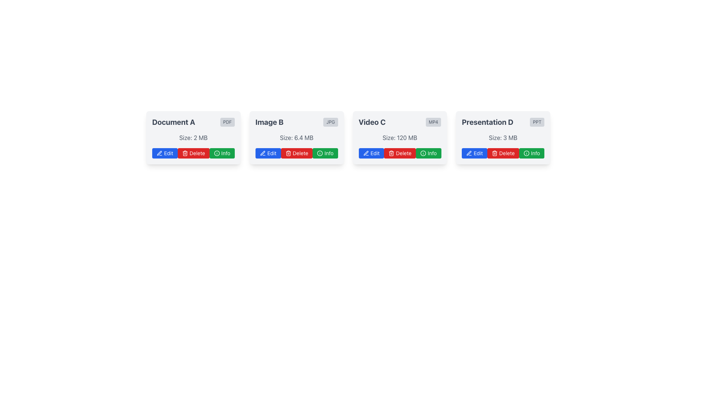 This screenshot has height=400, width=711. Describe the element at coordinates (263, 153) in the screenshot. I see `the 'Edit' icon, which is a pen symbol located within a blue button under the card labeled 'Image B', to initiate an editing action` at that location.